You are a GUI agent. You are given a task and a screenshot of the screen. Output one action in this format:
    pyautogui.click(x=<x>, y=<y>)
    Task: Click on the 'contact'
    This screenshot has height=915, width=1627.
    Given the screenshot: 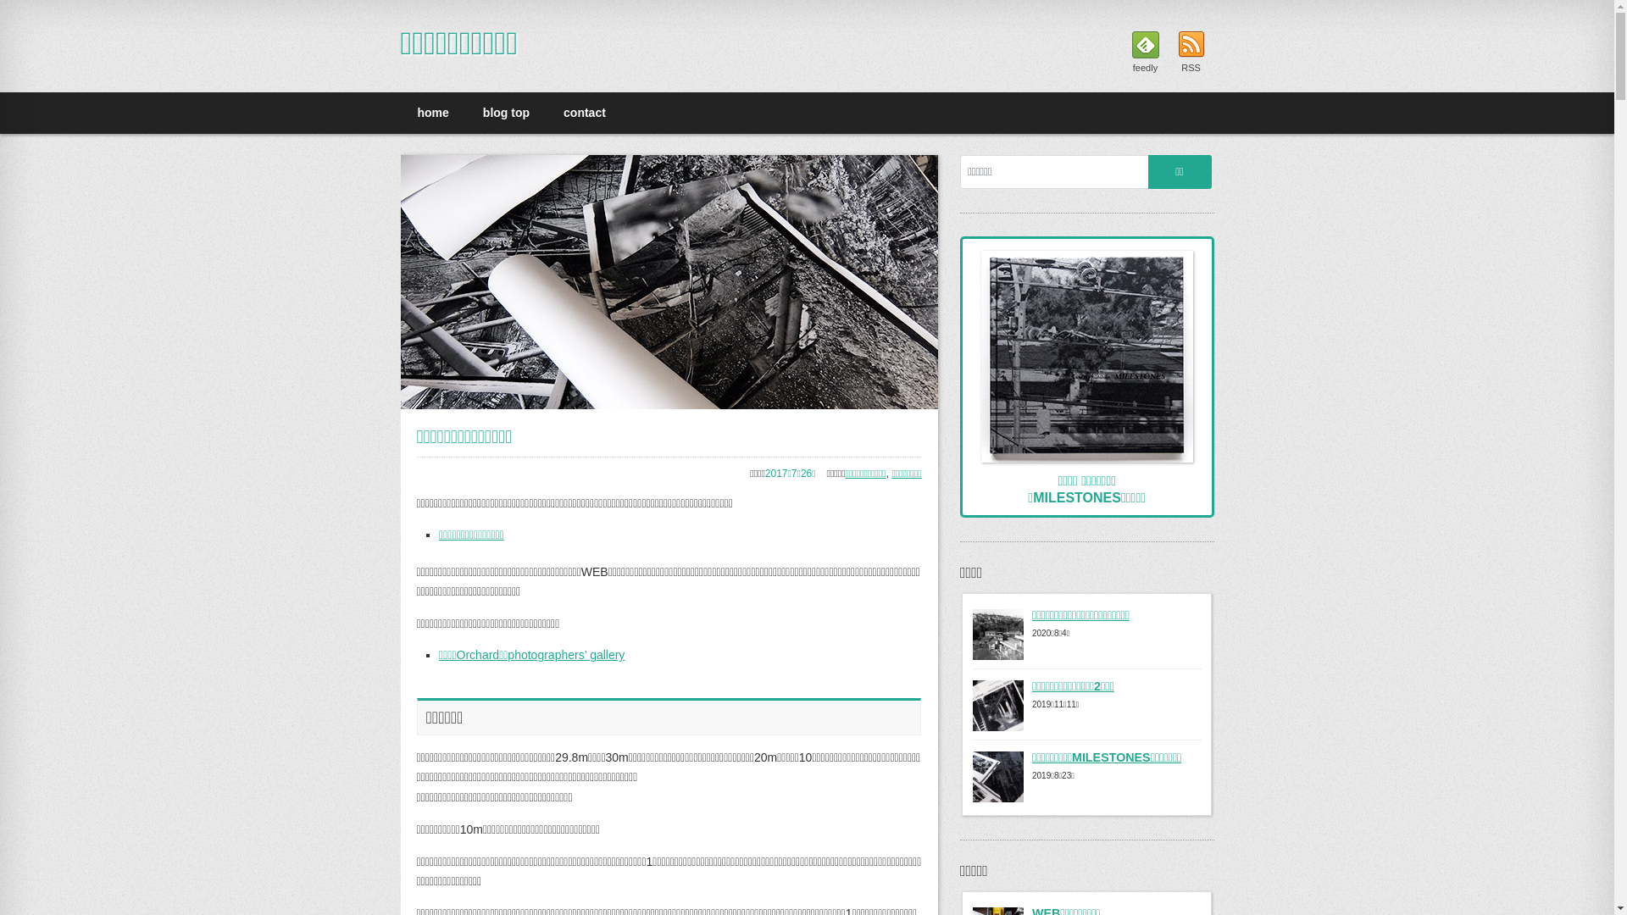 What is the action you would take?
    pyautogui.click(x=546, y=112)
    